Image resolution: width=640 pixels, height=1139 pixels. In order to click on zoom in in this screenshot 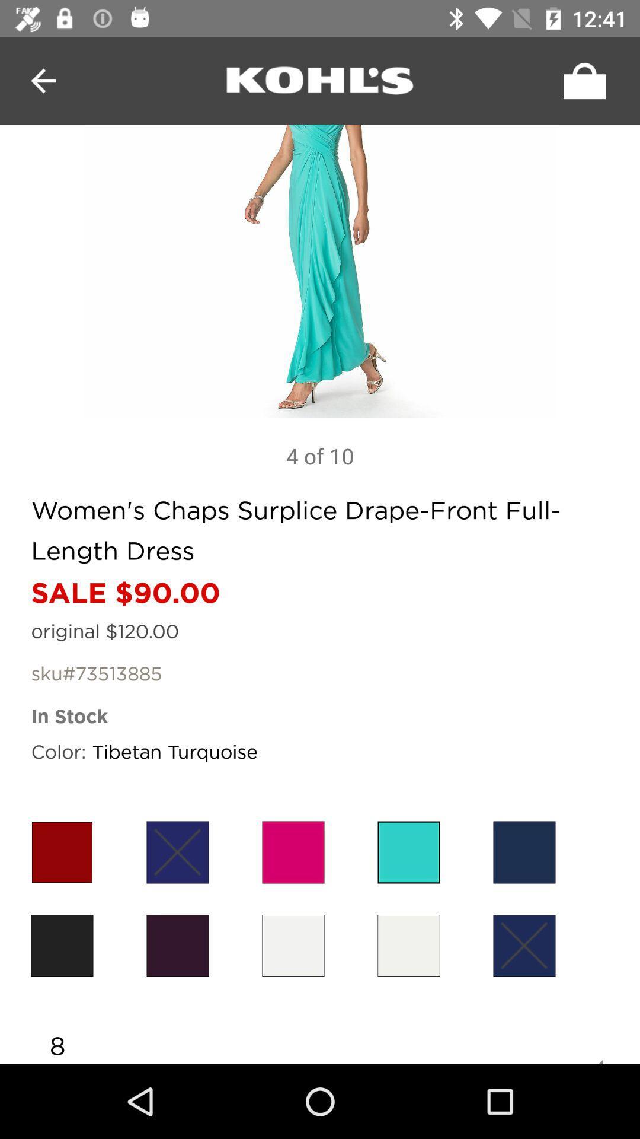, I will do `click(320, 271)`.